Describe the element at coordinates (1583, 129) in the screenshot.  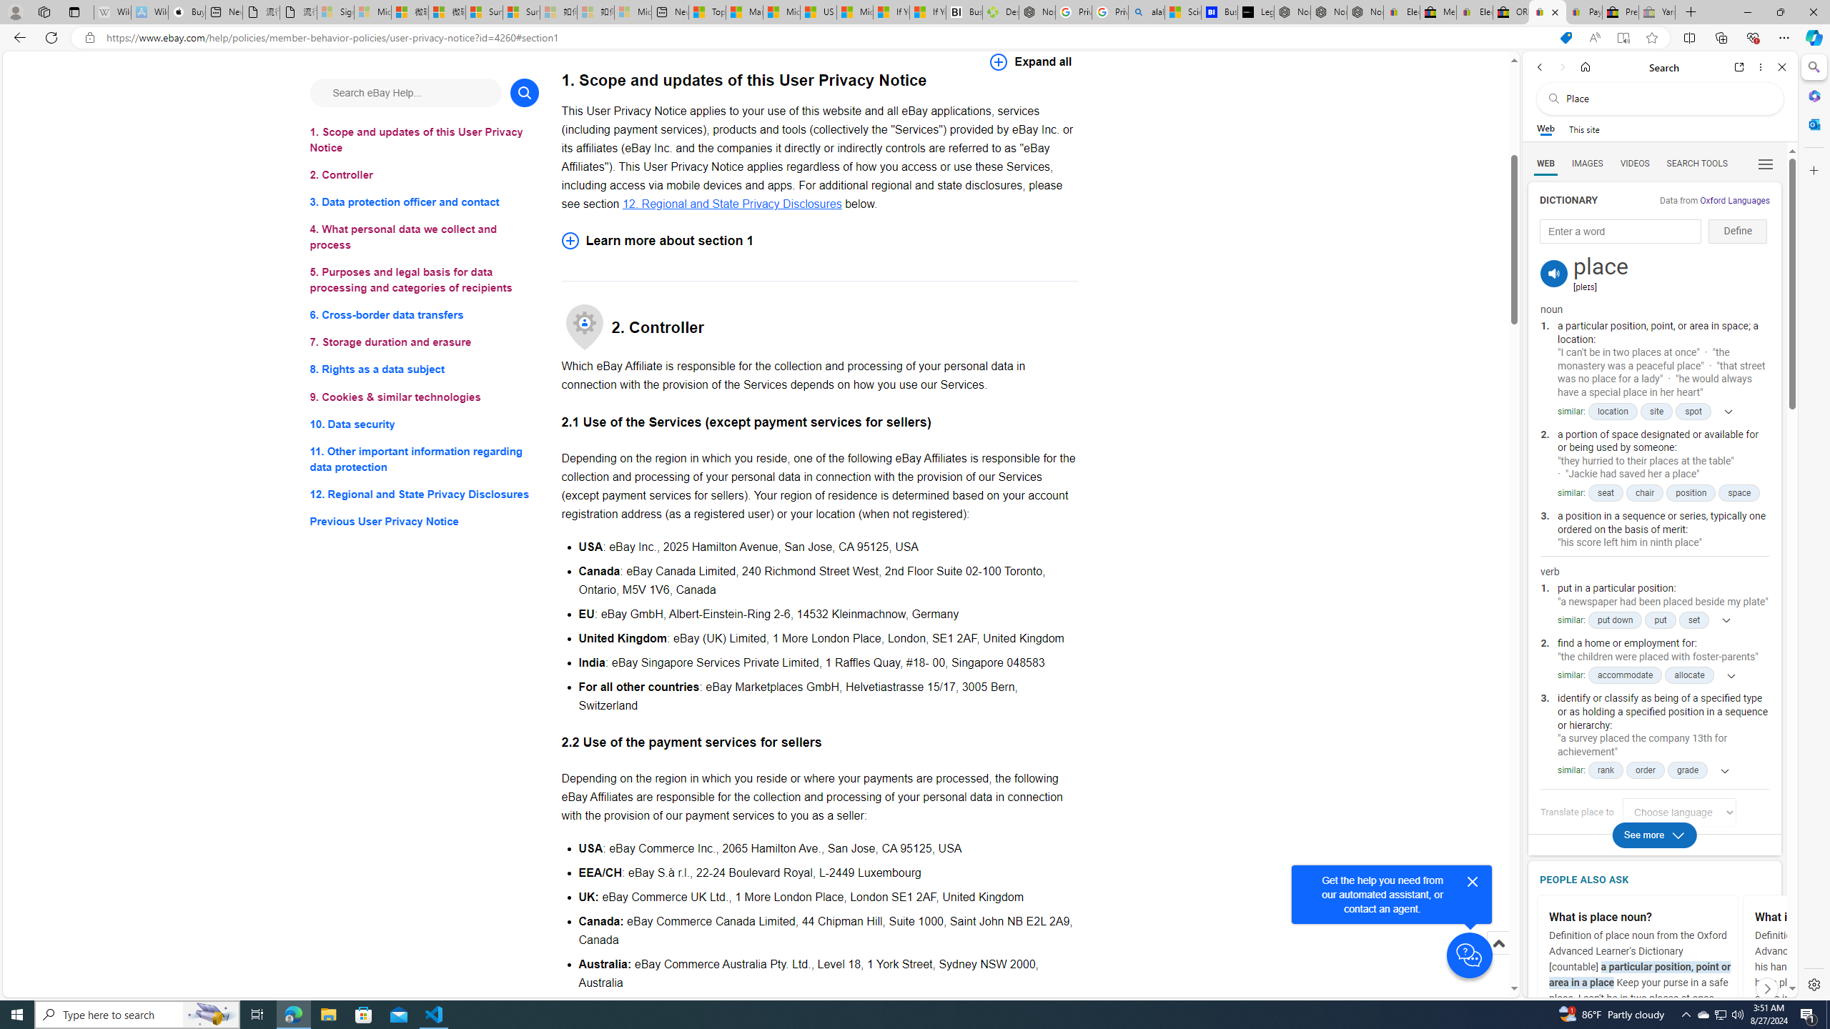
I see `'This site scope'` at that location.